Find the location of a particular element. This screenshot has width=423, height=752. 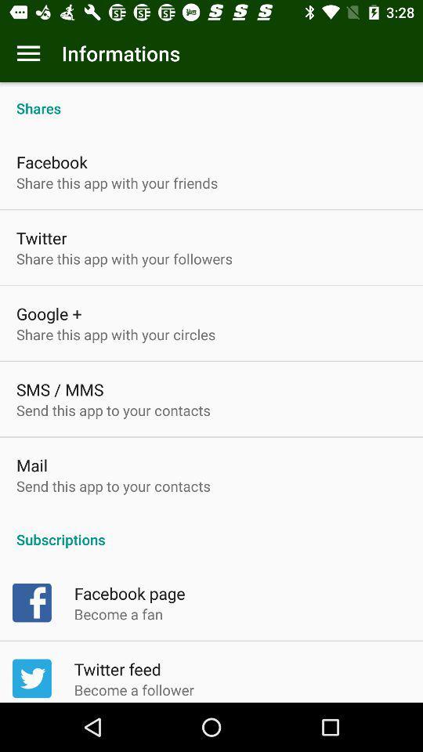

shares icon is located at coordinates (211, 99).